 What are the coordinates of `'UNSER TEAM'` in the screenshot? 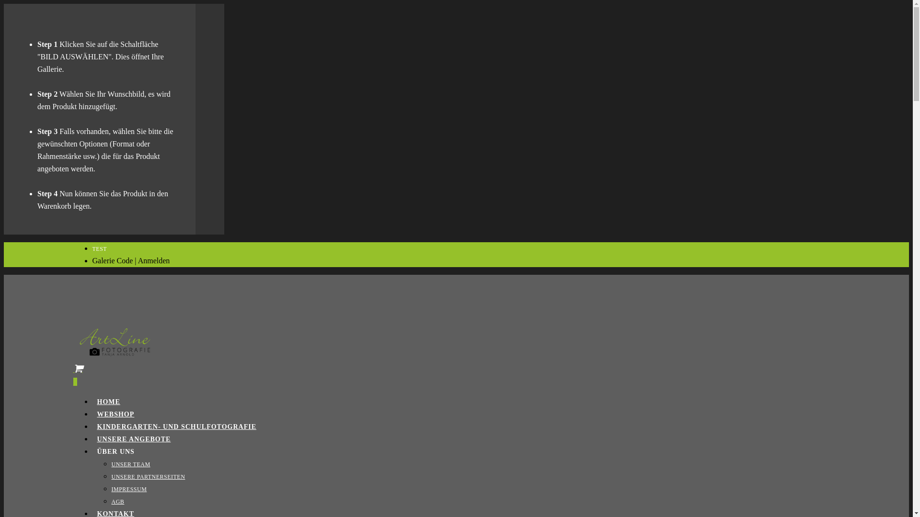 It's located at (130, 463).